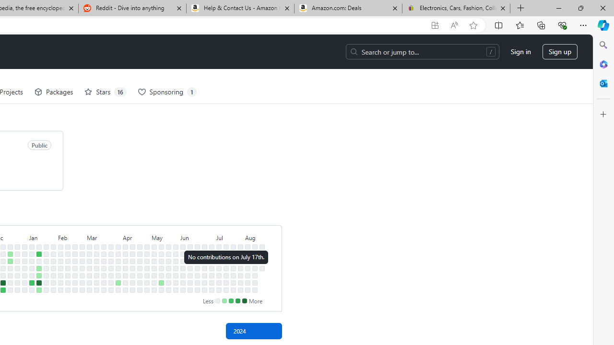 This screenshot has height=345, width=614. What do you see at coordinates (125, 289) in the screenshot?
I see `'No contributions on April 13th.'` at bounding box center [125, 289].